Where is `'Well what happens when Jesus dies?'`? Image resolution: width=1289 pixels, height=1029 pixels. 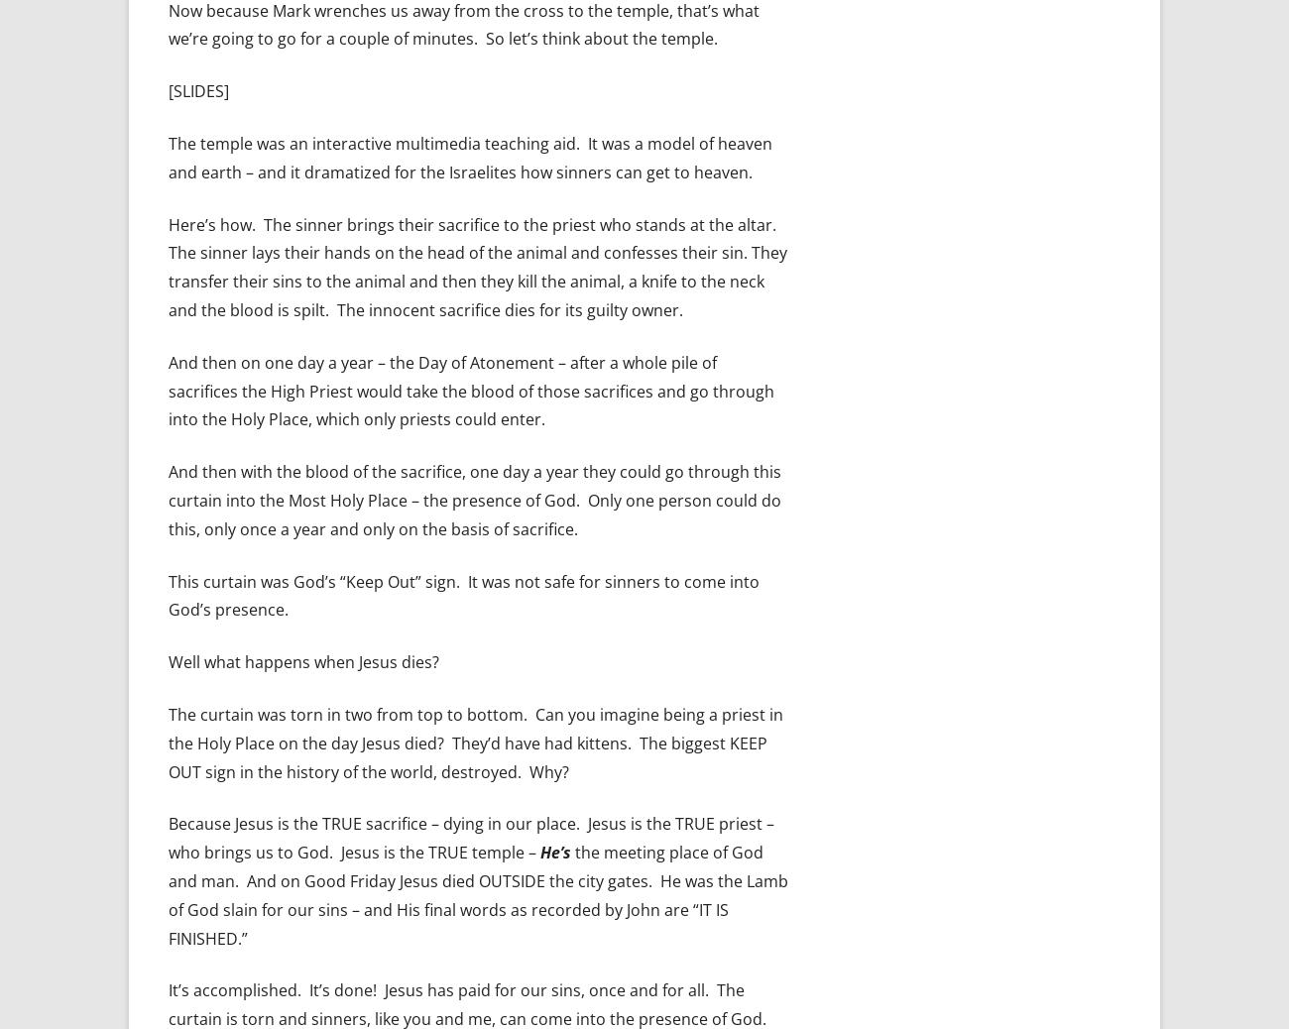
'Well what happens when Jesus dies?' is located at coordinates (303, 660).